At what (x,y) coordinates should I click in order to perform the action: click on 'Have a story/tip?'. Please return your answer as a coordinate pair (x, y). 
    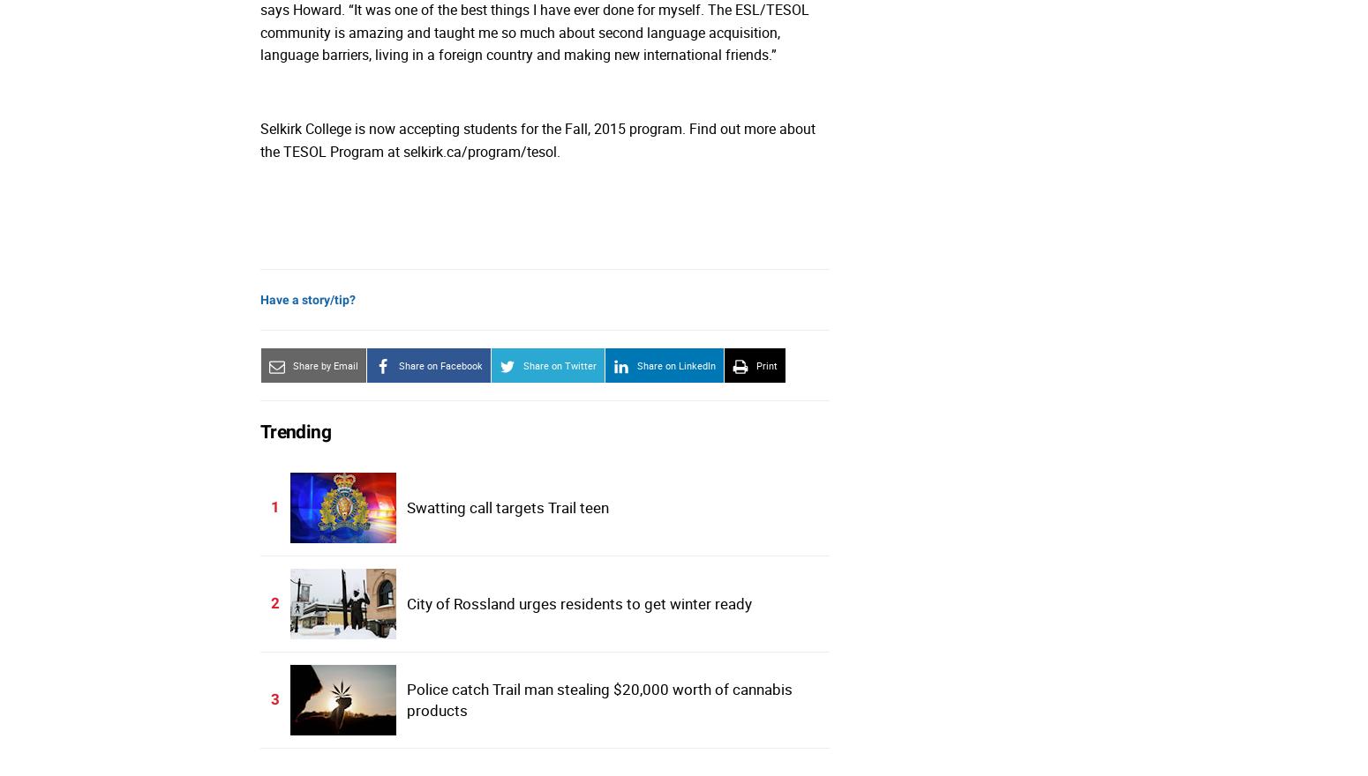
    Looking at the image, I should click on (259, 300).